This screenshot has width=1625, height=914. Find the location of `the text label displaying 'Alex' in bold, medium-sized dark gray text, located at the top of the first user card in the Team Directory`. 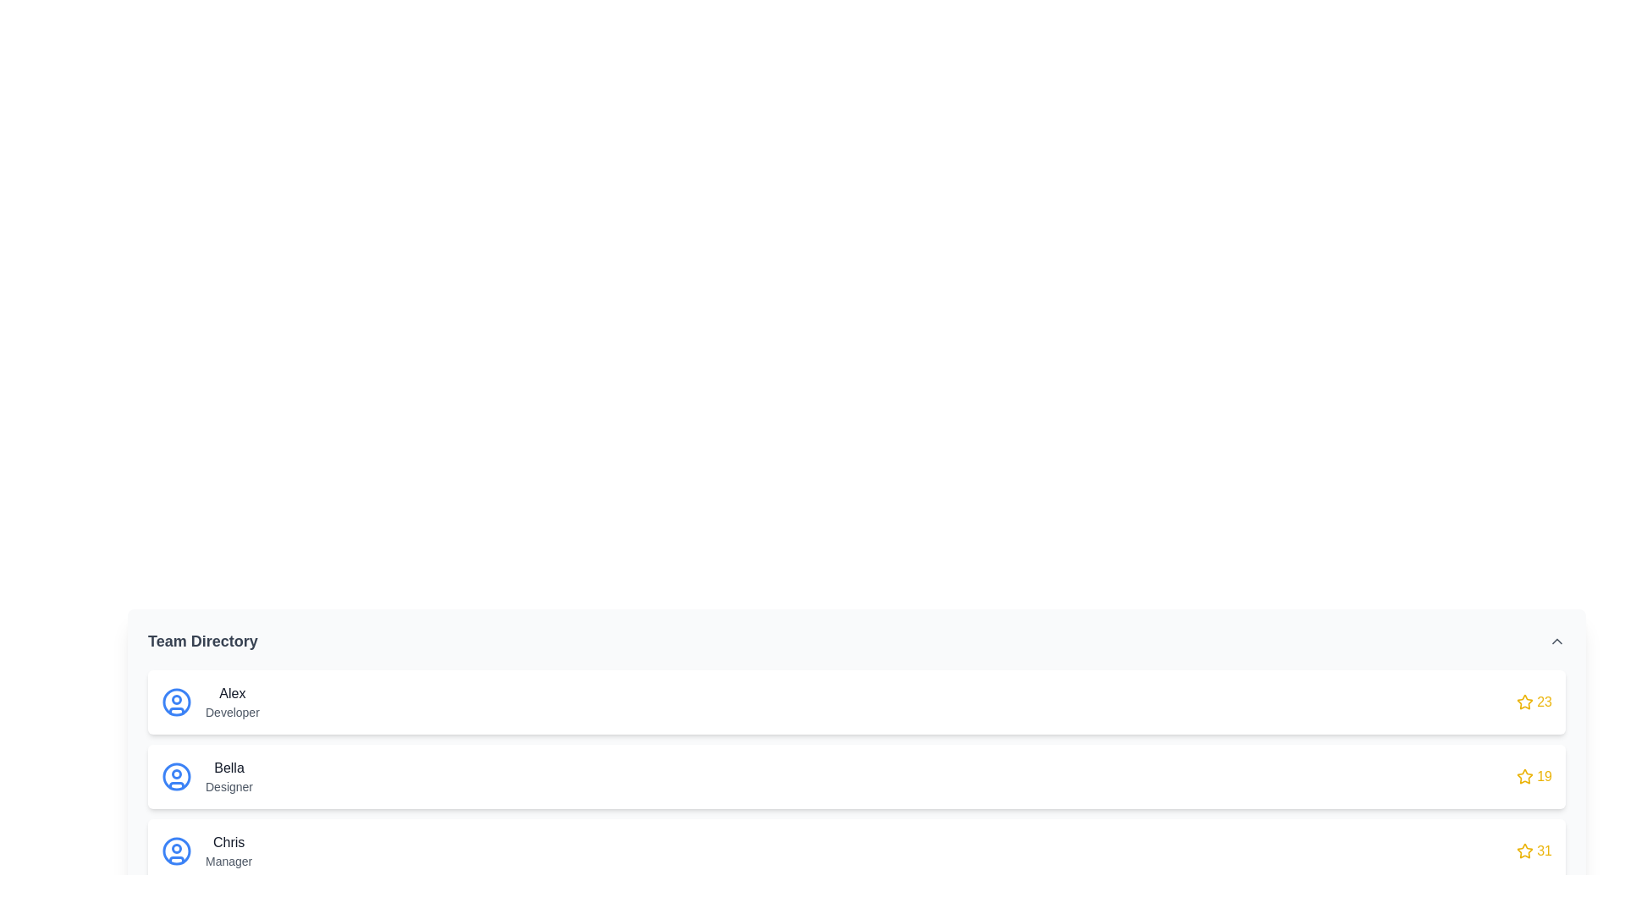

the text label displaying 'Alex' in bold, medium-sized dark gray text, located at the top of the first user card in the Team Directory is located at coordinates (231, 694).